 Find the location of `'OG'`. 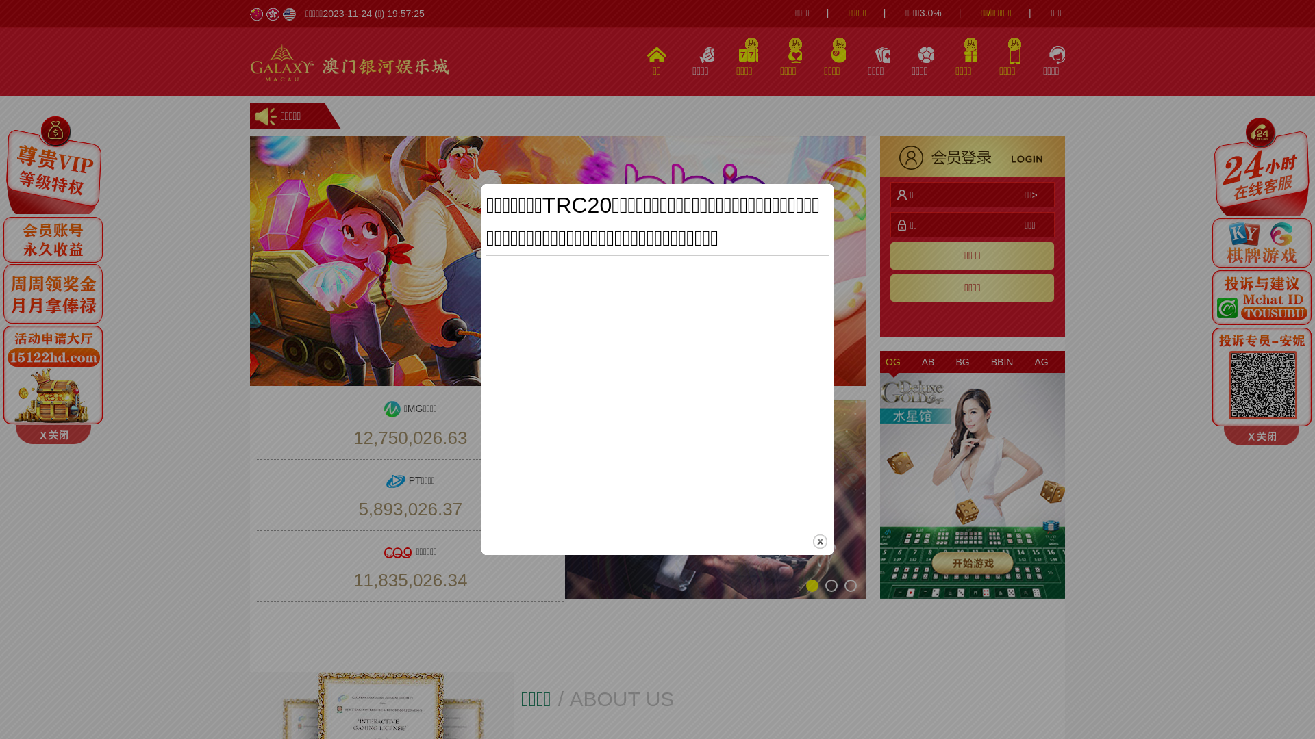

'OG' is located at coordinates (880, 361).